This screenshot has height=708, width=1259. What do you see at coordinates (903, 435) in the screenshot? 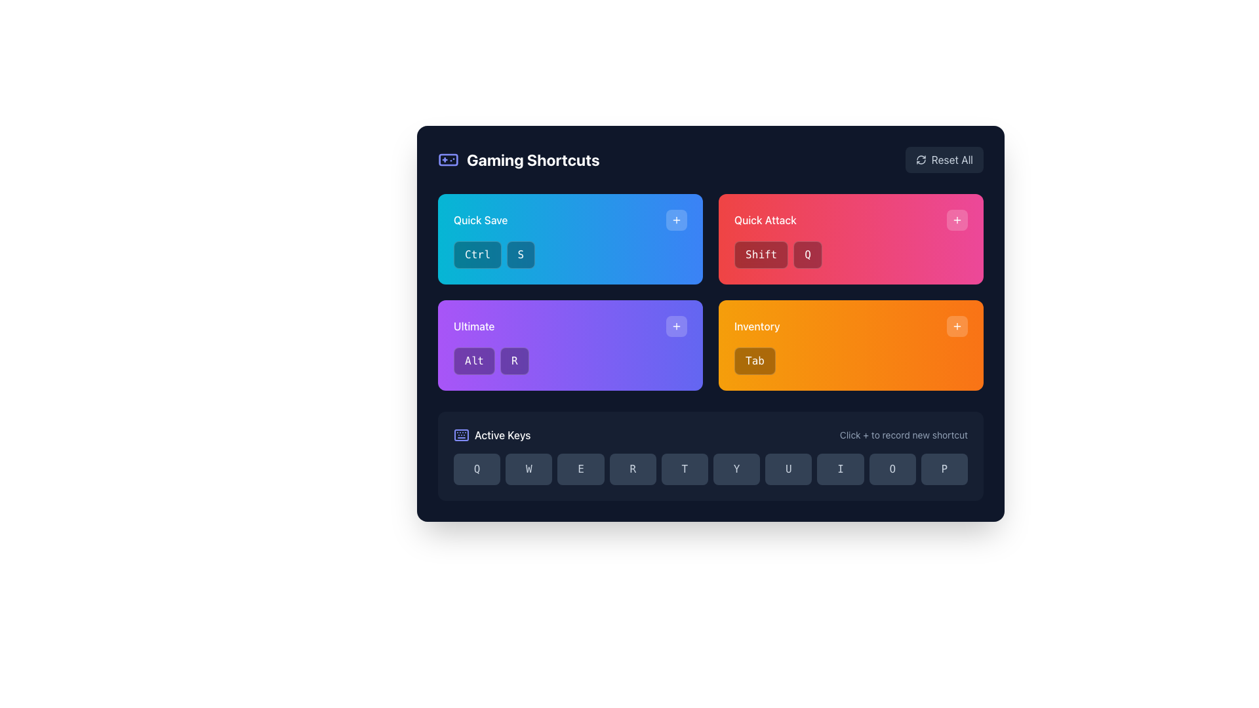
I see `the instructional text displaying 'Click + to record new shortcut.' located in the bottom-right corner of the 'Active Keys' section` at bounding box center [903, 435].